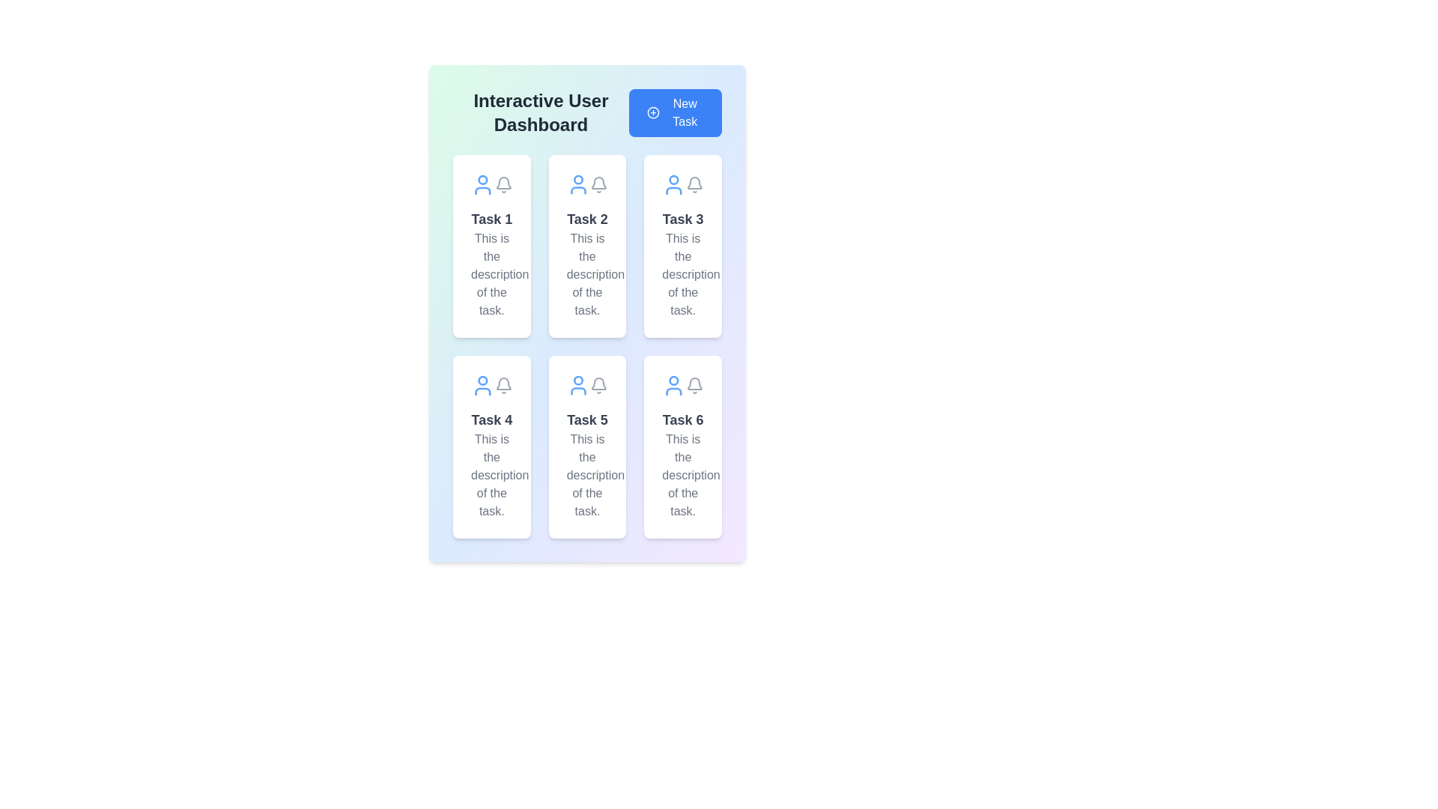  What do you see at coordinates (491, 476) in the screenshot?
I see `the gray-colored text block that reads 'This is the description of the task,' which is positioned below the title 'Task 4' in the card component of the grid layout` at bounding box center [491, 476].